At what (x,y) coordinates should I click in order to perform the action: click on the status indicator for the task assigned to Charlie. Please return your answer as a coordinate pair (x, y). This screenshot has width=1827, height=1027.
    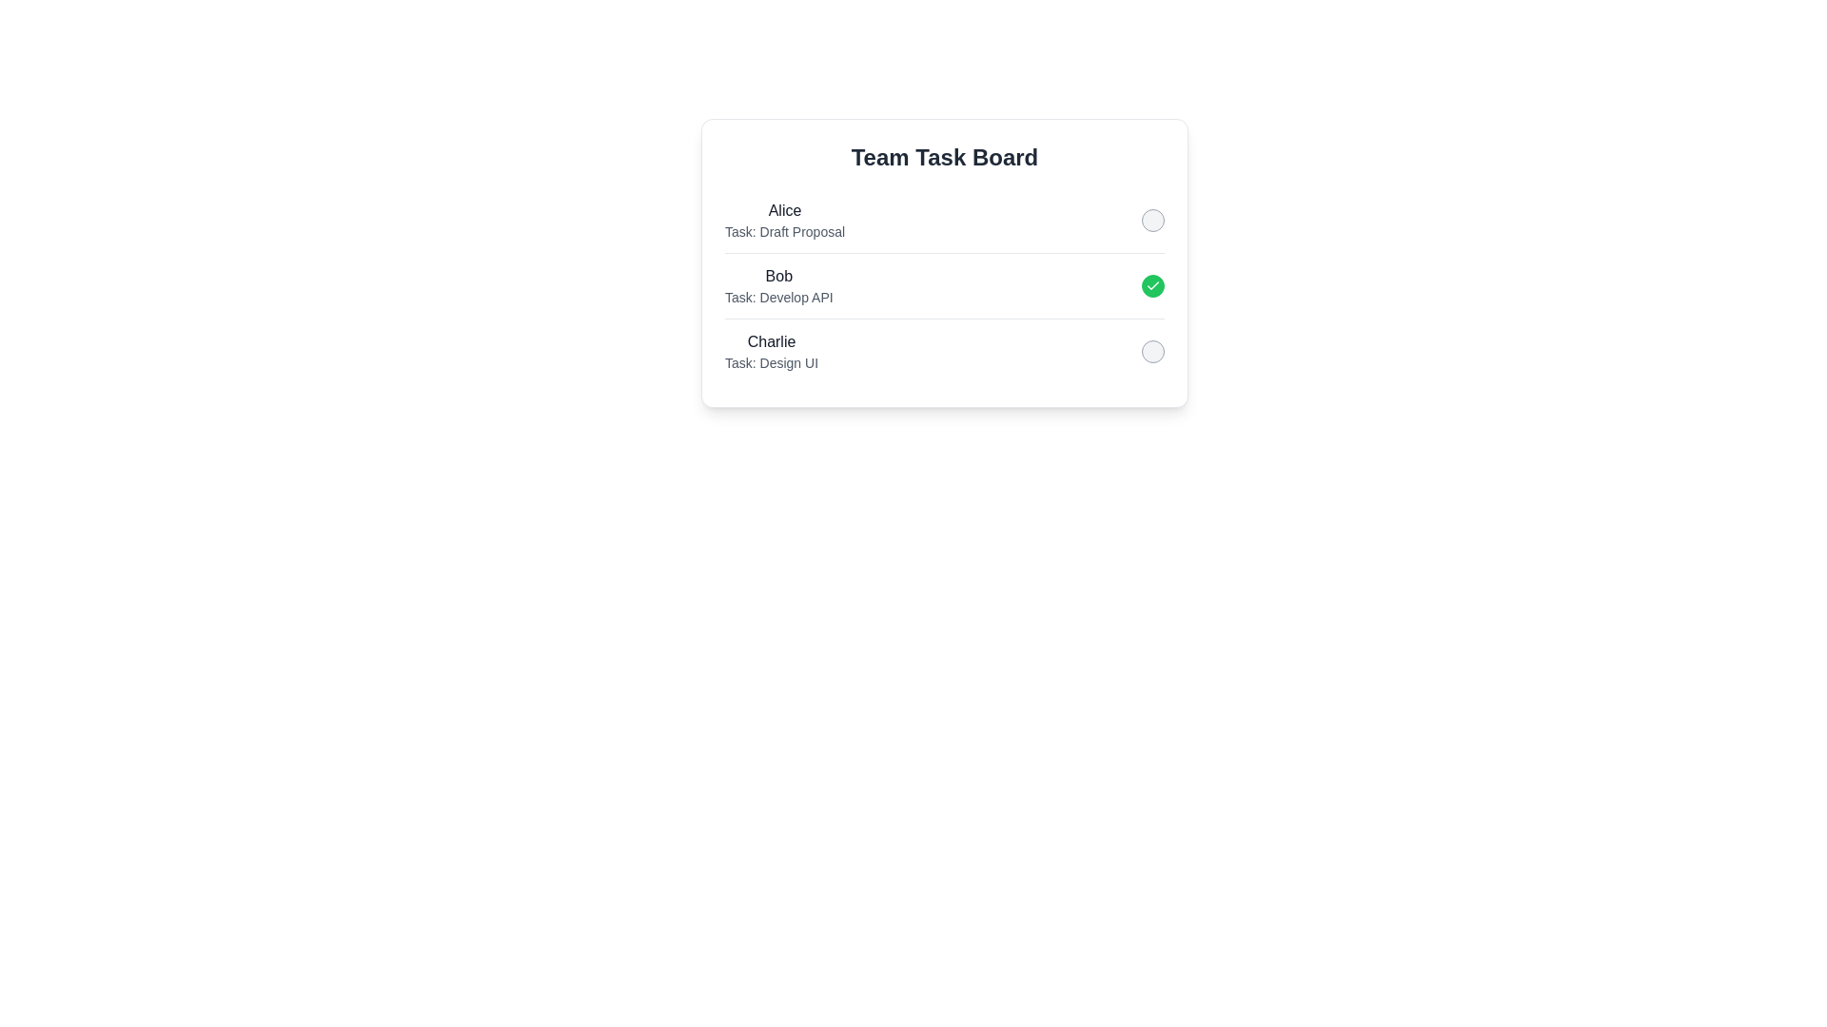
    Looking at the image, I should click on (1151, 352).